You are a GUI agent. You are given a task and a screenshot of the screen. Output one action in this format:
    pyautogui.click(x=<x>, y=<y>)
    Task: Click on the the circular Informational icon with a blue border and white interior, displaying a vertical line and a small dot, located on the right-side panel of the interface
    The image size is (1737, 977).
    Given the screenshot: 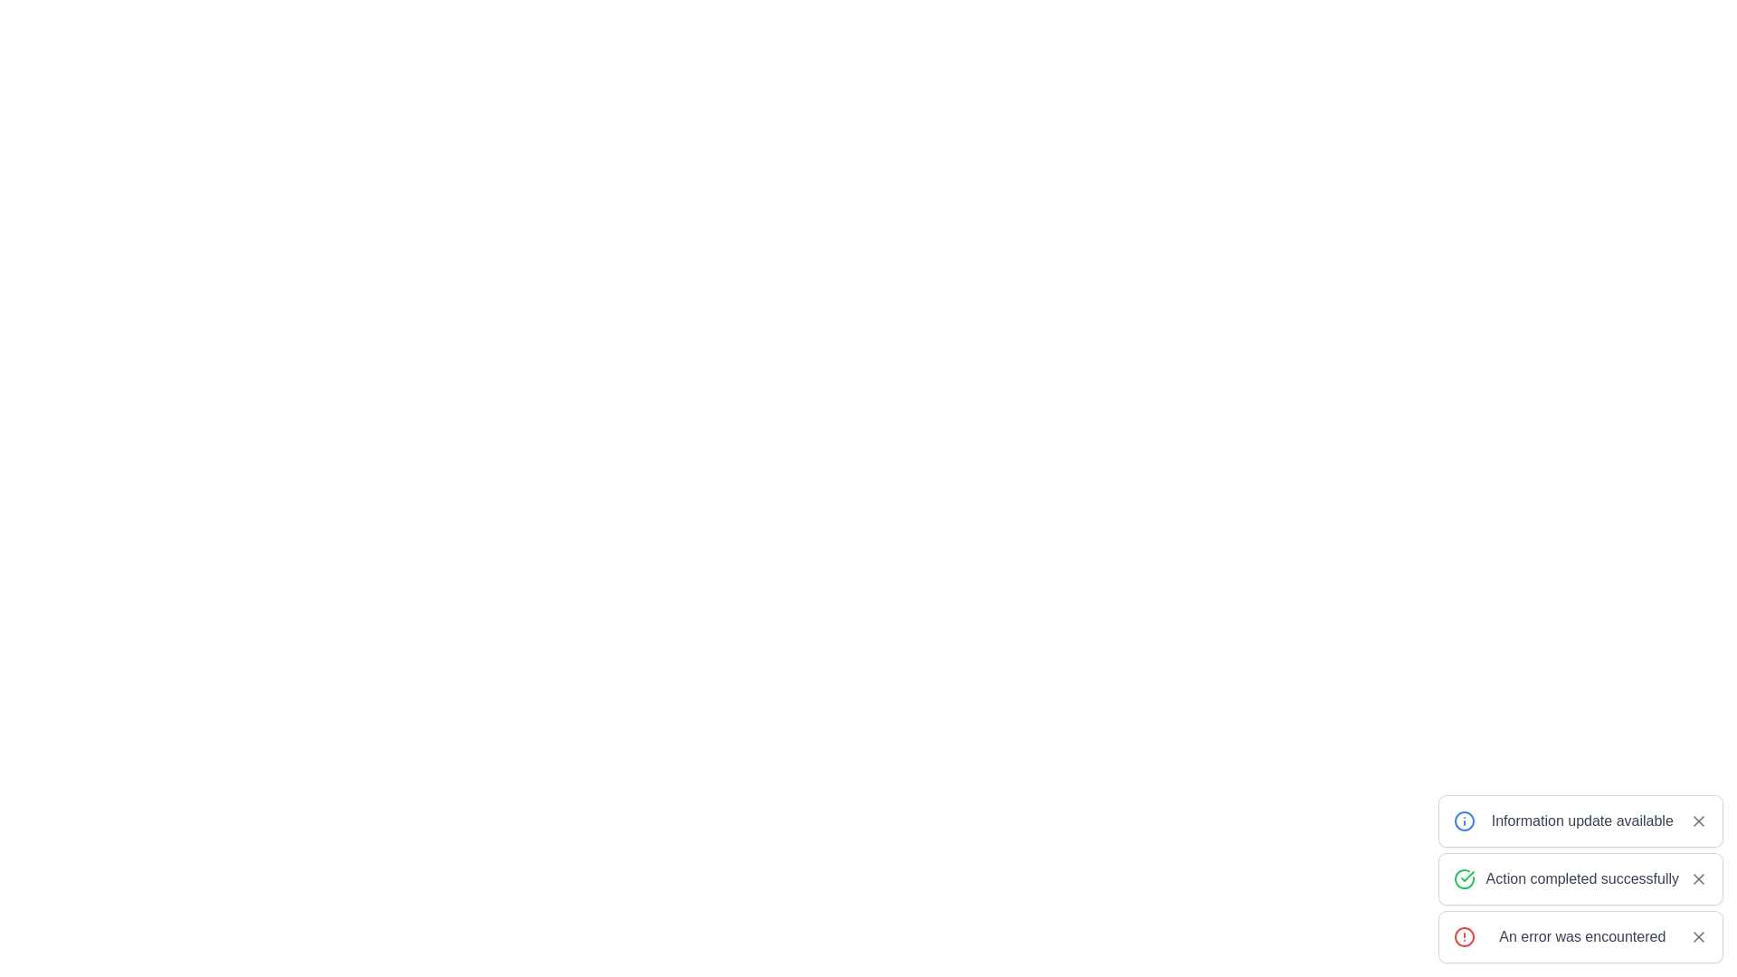 What is the action you would take?
    pyautogui.click(x=1464, y=820)
    